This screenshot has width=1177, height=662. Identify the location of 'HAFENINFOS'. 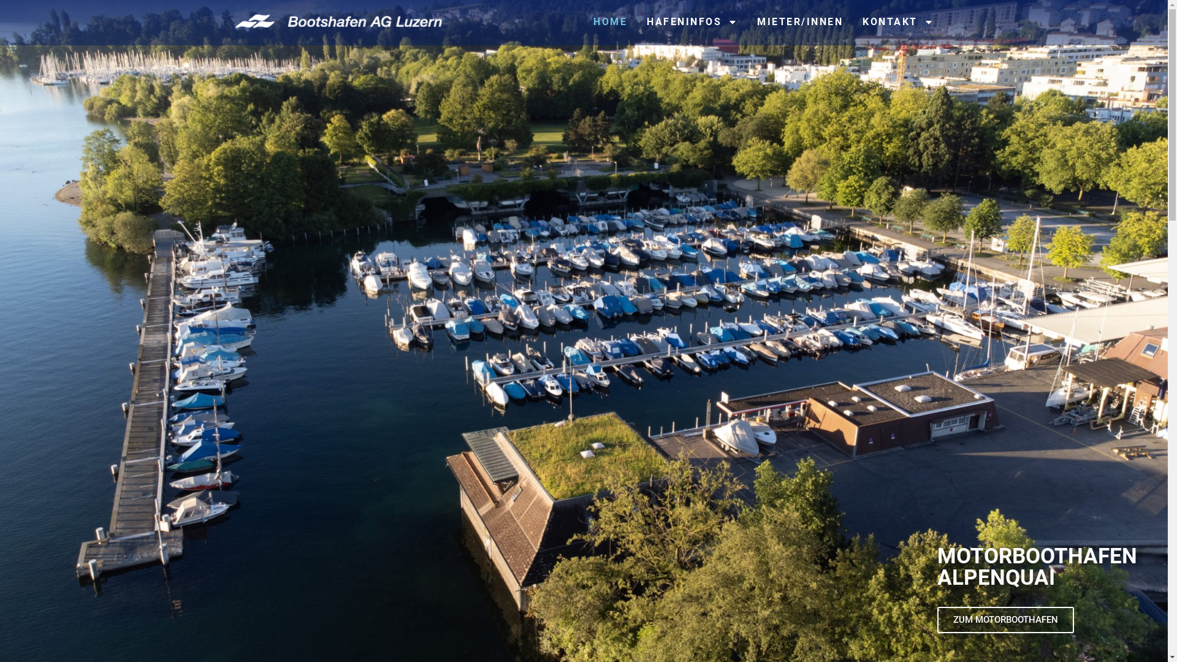
(691, 21).